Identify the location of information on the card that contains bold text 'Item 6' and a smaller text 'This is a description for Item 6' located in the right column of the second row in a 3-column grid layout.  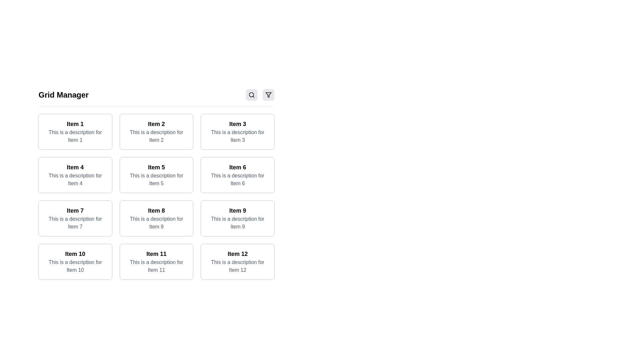
(237, 175).